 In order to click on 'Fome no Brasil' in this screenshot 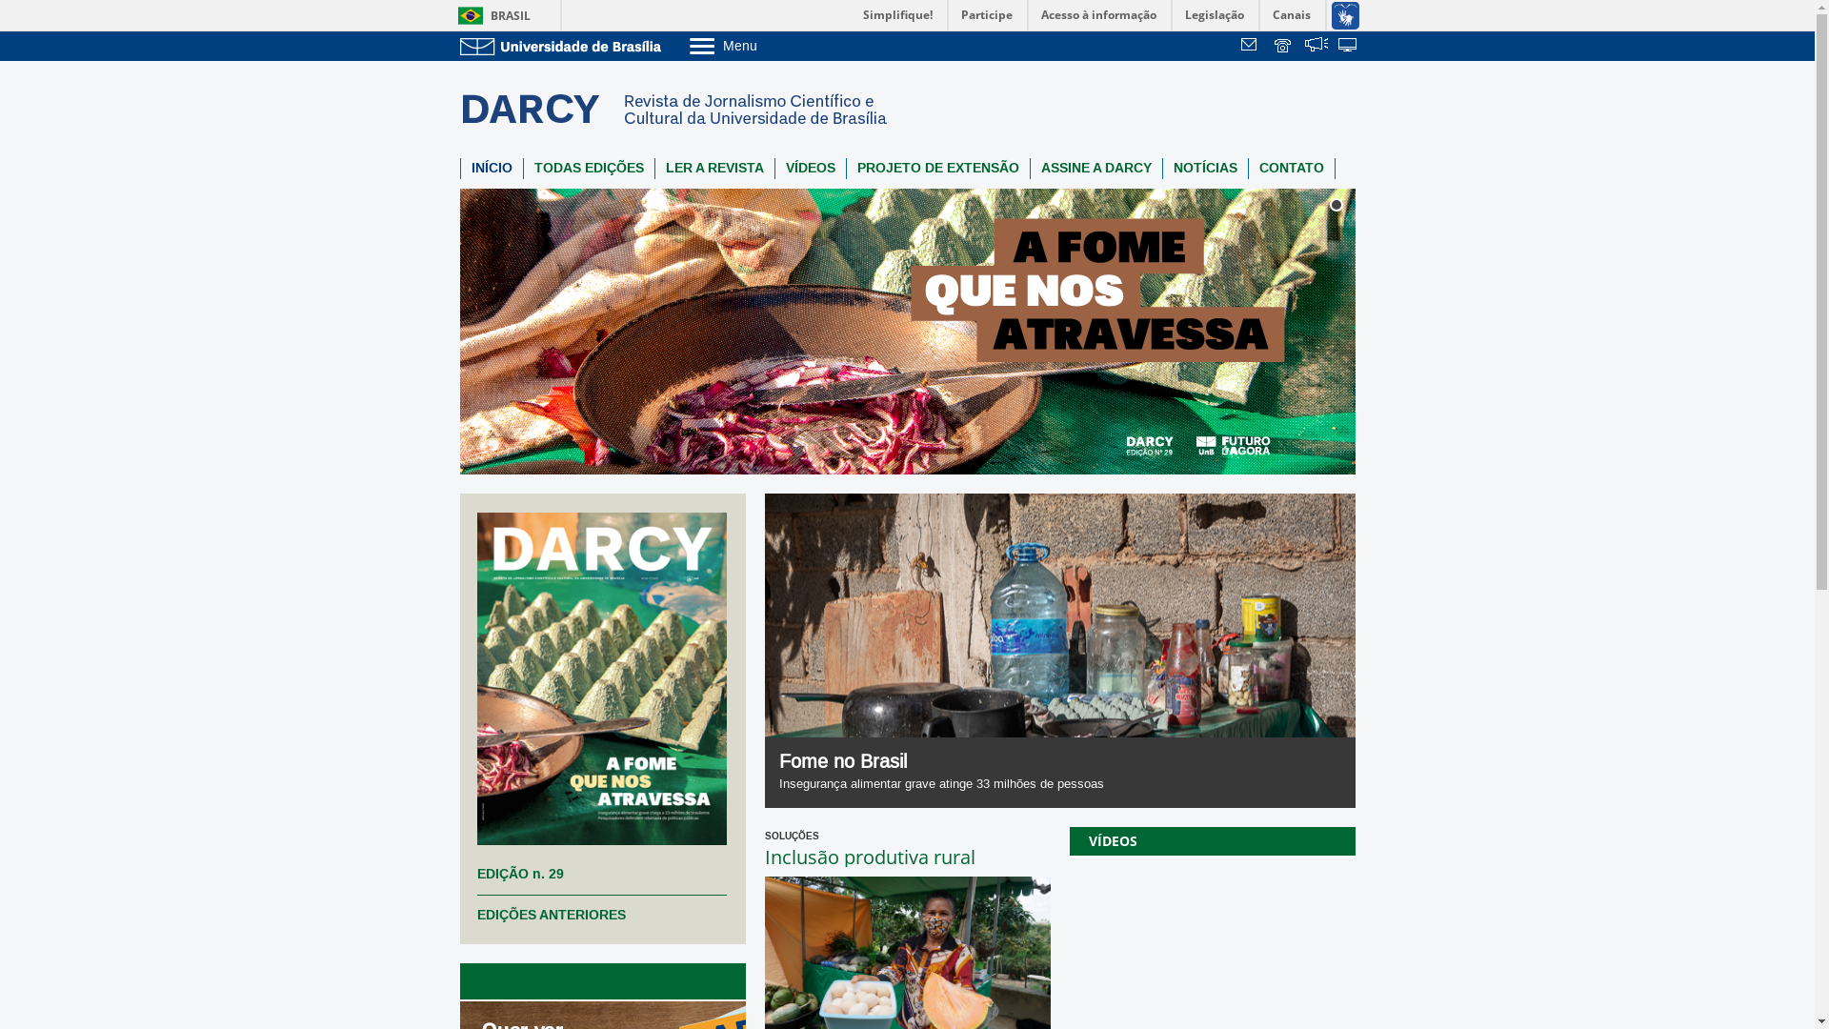, I will do `click(778, 760)`.